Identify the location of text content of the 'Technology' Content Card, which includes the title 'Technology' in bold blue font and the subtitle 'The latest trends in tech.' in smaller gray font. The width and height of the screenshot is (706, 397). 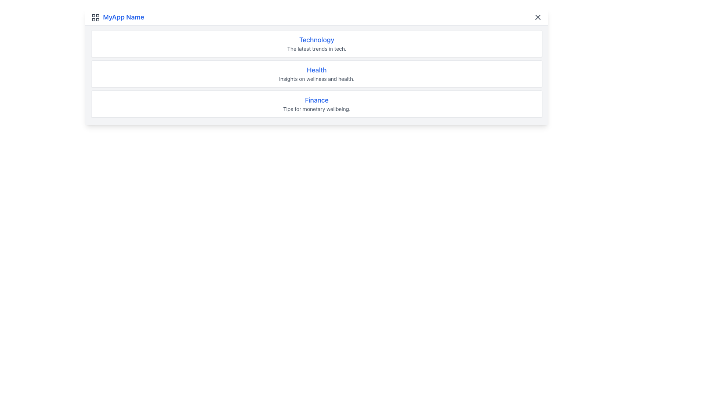
(317, 44).